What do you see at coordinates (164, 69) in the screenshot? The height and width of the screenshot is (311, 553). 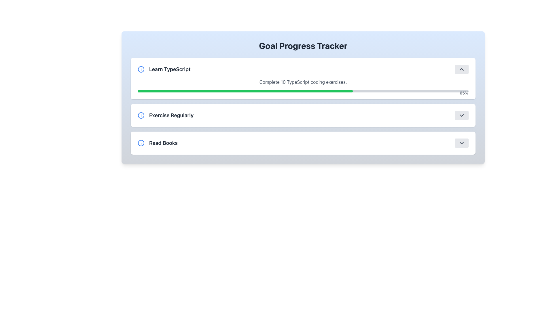 I see `the Text Label indicating the goal 'Learn TypeScript' located in the first row of the Goal Progress Tracker, positioned to the left of a progress bar` at bounding box center [164, 69].